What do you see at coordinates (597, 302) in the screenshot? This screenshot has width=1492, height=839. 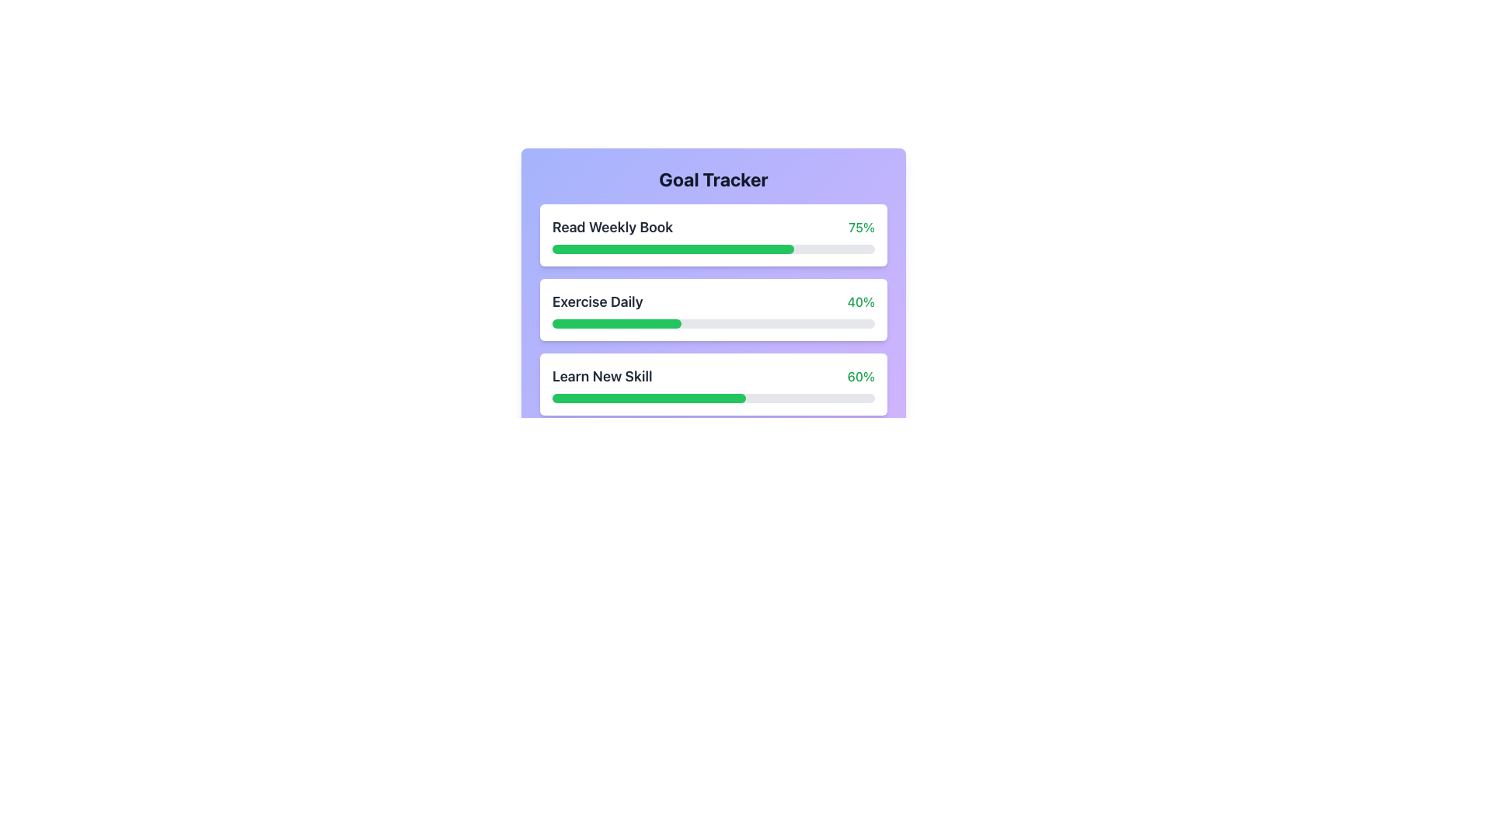 I see `the 'Exercise Daily' text label, which is styled in bold and larger font, located in the middle segment of the list under the 'Goal Tracker' heading` at bounding box center [597, 302].